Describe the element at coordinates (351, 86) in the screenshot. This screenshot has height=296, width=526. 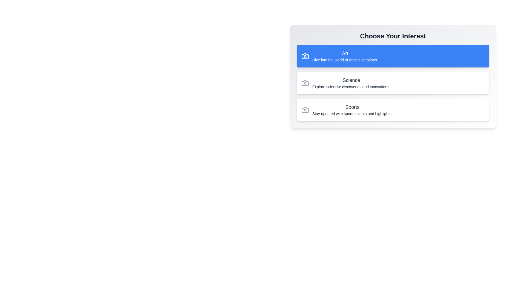
I see `the text element that reads 'Explore scientific discoveries and innovations.' located beneath the title 'Science' in the vertical list of choices` at that location.